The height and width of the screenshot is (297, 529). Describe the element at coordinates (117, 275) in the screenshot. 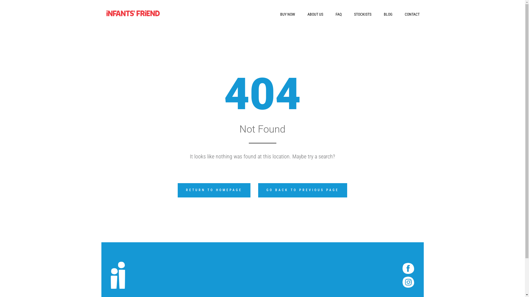

I see `'ii-small'` at that location.